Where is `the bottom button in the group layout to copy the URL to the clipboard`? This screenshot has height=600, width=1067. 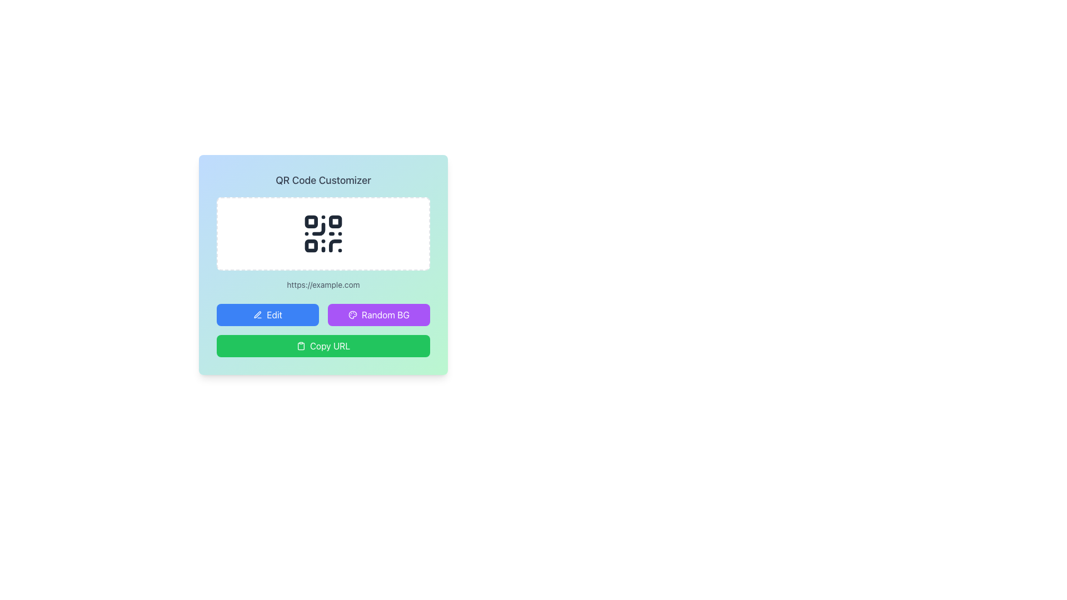
the bottom button in the group layout to copy the URL to the clipboard is located at coordinates (322, 346).